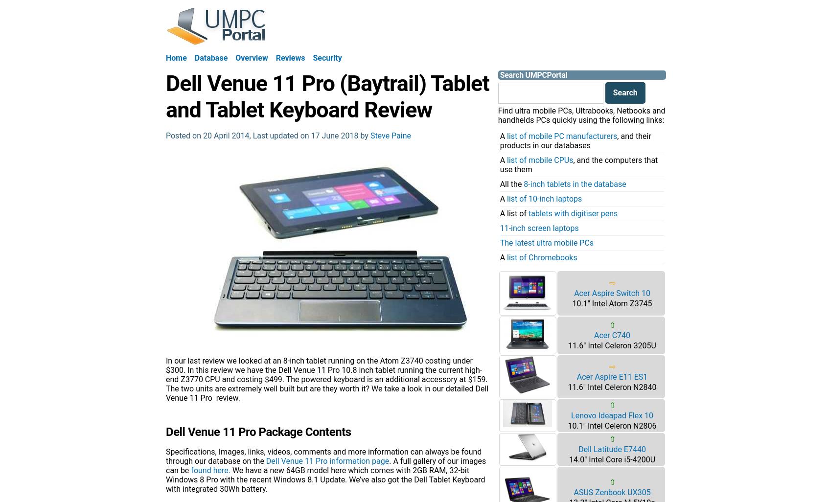  Describe the element at coordinates (533, 75) in the screenshot. I see `'Search UMPCPortal'` at that location.